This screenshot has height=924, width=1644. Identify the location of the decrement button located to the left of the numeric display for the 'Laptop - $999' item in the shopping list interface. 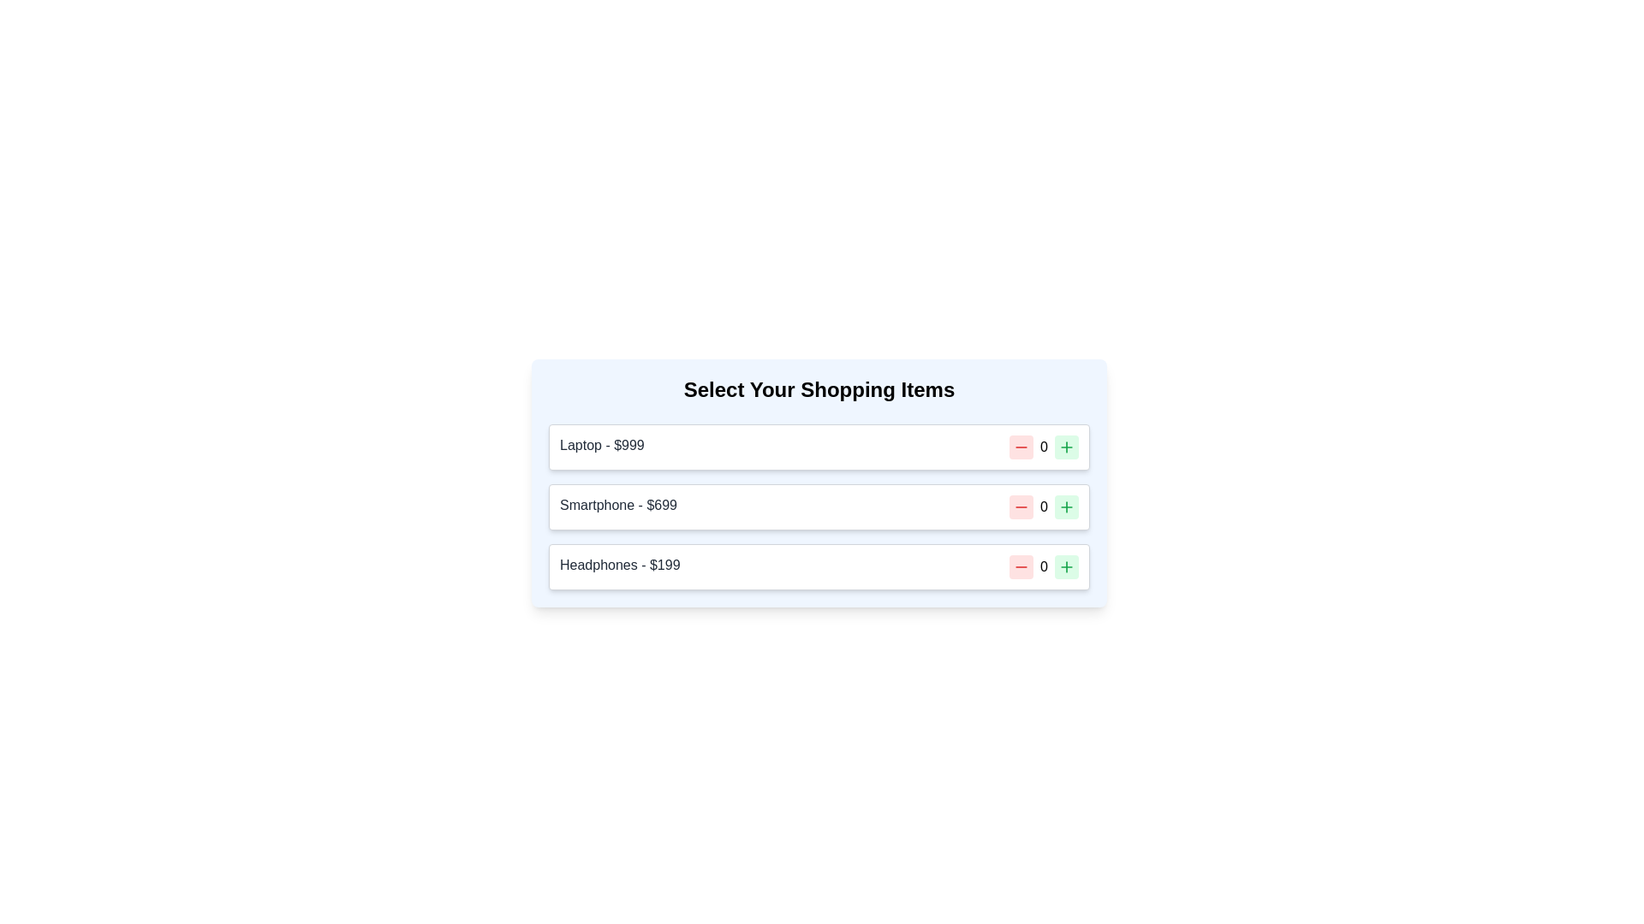
(1022, 447).